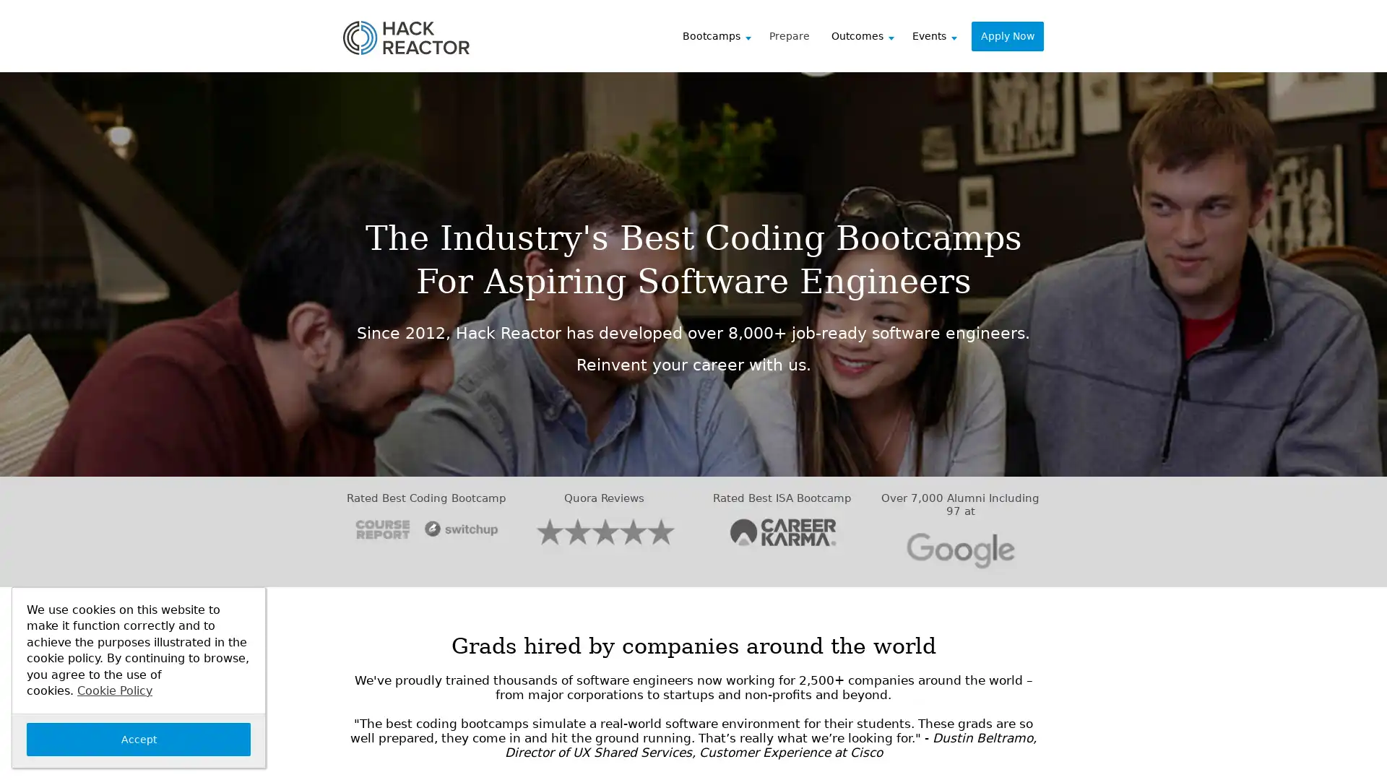  What do you see at coordinates (722, 35) in the screenshot?
I see `Bootcamps` at bounding box center [722, 35].